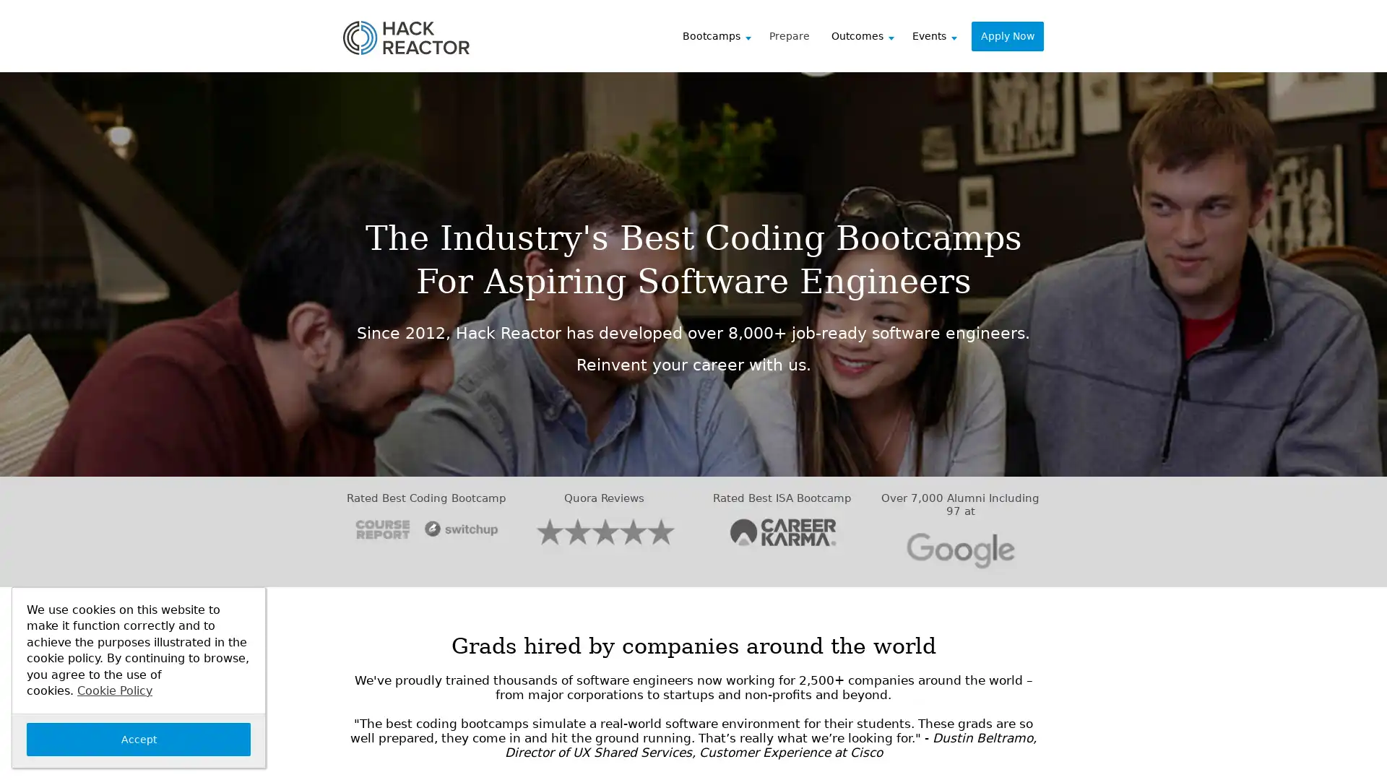  What do you see at coordinates (722, 35) in the screenshot?
I see `Bootcamps` at bounding box center [722, 35].